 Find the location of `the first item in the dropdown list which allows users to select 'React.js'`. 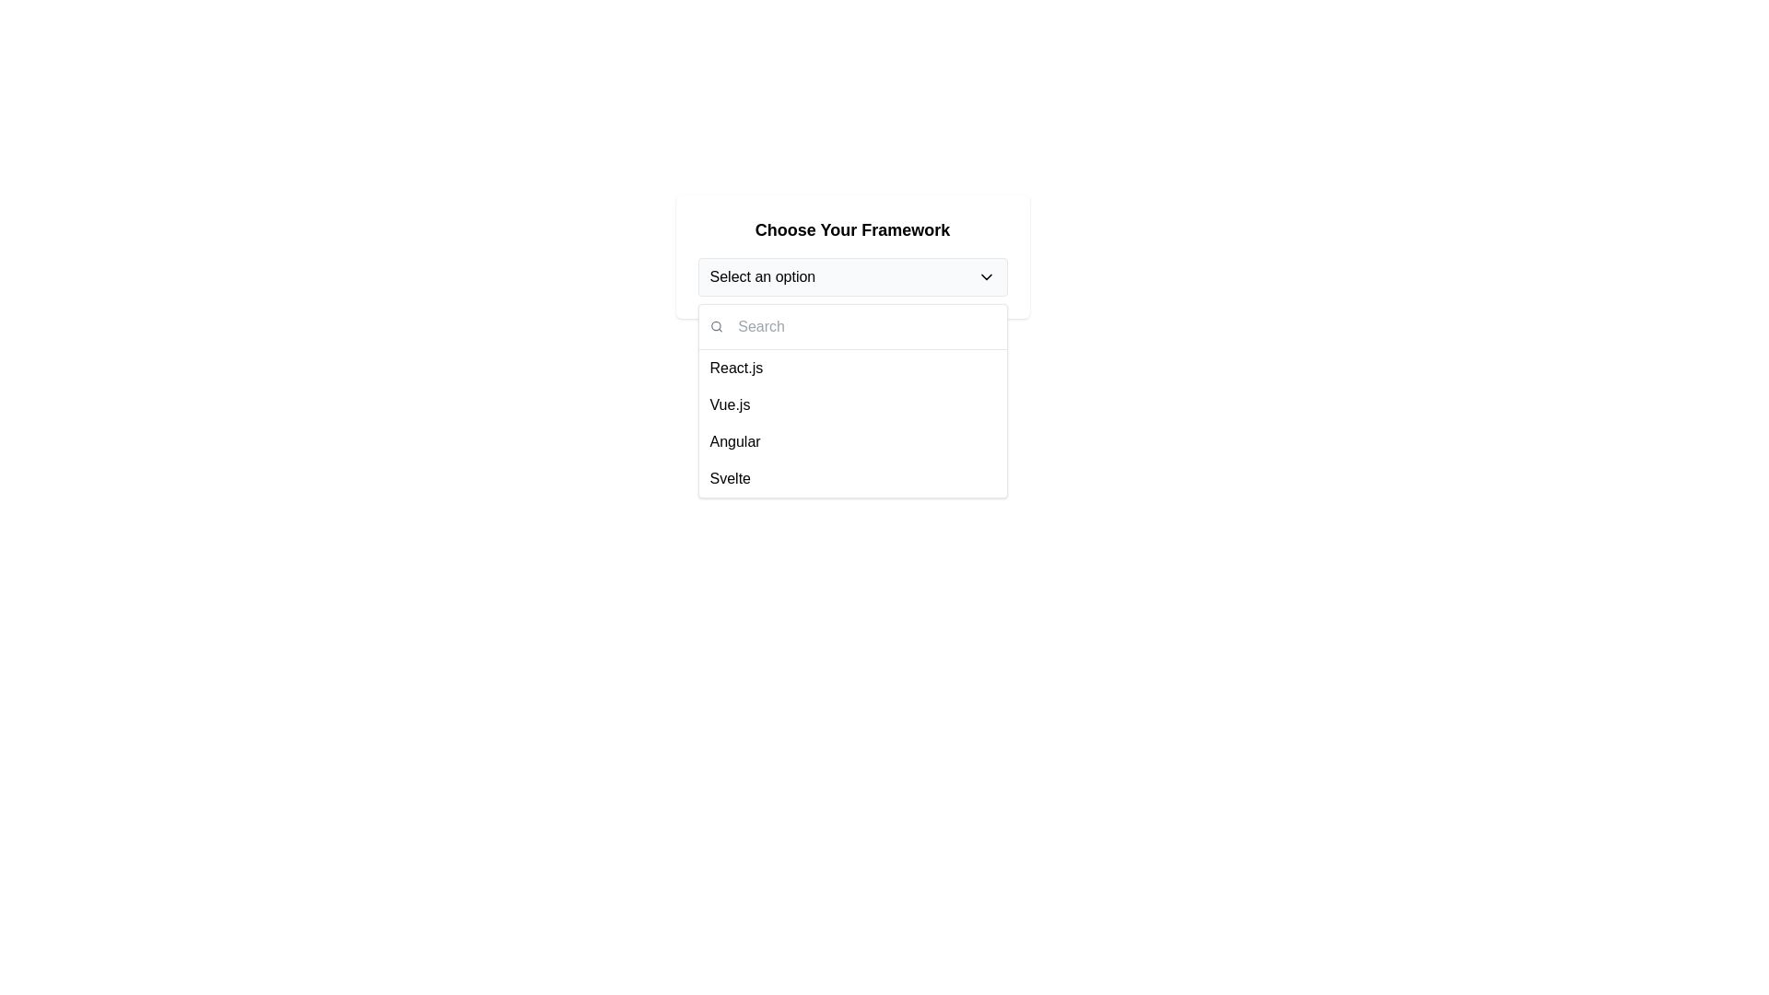

the first item in the dropdown list which allows users to select 'React.js' is located at coordinates (851, 369).